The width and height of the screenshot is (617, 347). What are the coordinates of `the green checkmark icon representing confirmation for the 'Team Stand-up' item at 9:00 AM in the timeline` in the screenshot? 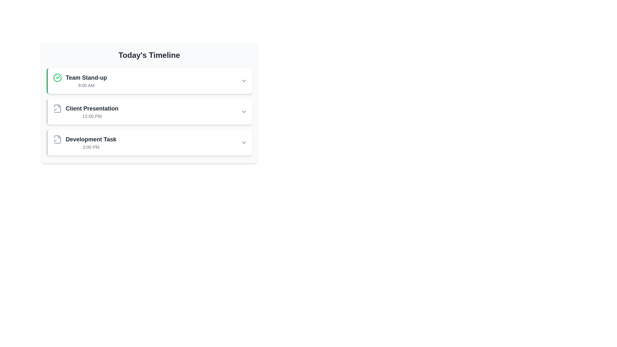 It's located at (58, 76).